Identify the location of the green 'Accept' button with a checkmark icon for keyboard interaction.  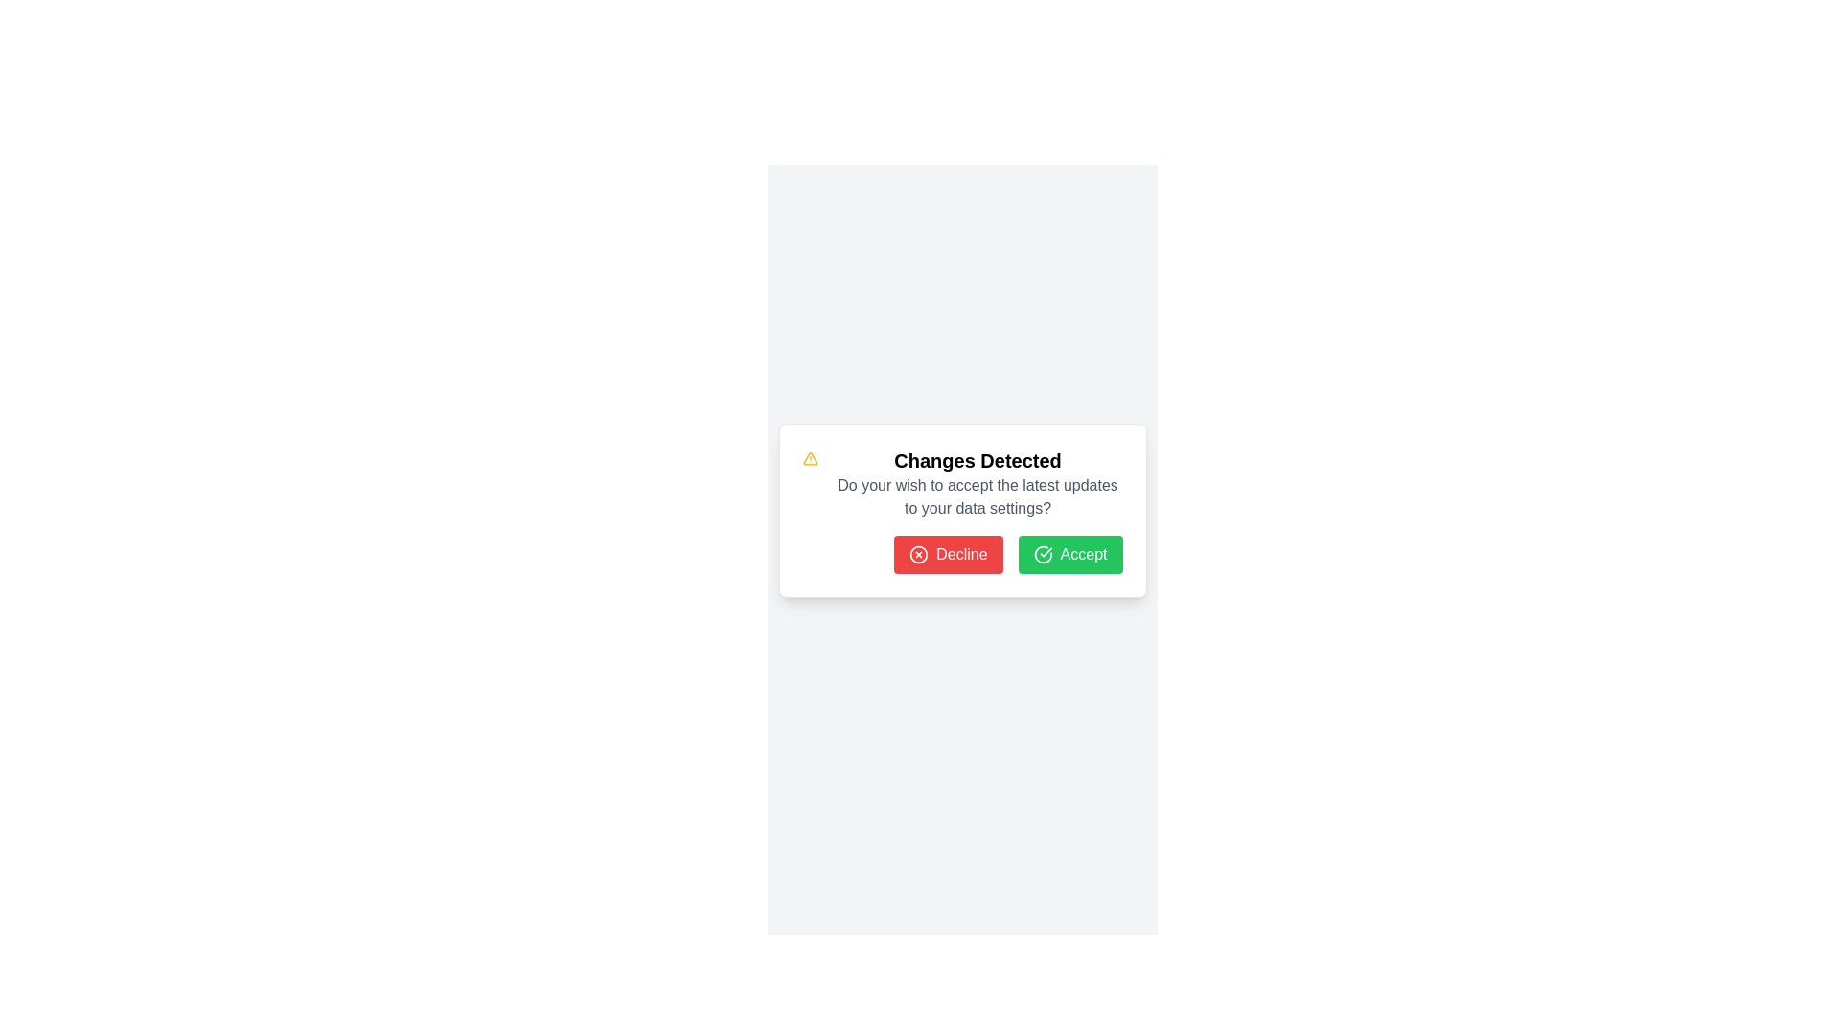
(1069, 554).